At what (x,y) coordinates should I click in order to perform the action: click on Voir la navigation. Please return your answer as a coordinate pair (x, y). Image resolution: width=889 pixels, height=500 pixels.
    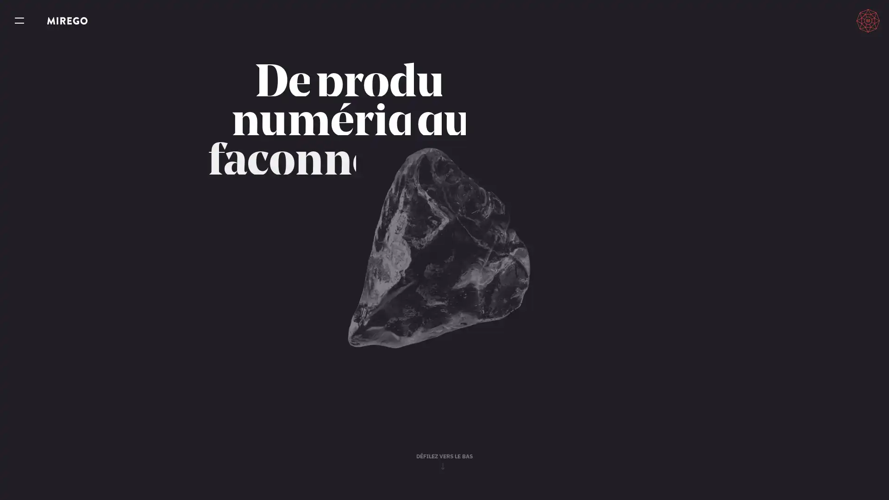
    Looking at the image, I should click on (19, 21).